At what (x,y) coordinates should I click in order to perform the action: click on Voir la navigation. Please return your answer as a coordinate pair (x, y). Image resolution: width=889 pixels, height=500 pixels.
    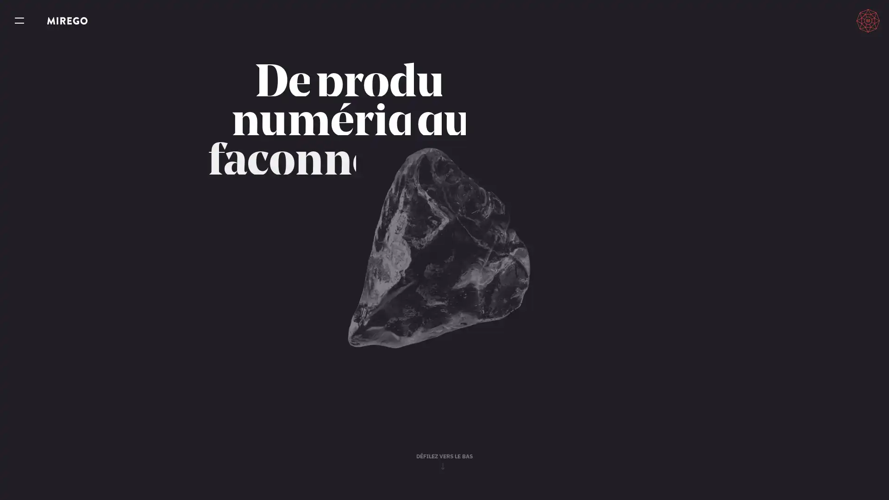
    Looking at the image, I should click on (19, 21).